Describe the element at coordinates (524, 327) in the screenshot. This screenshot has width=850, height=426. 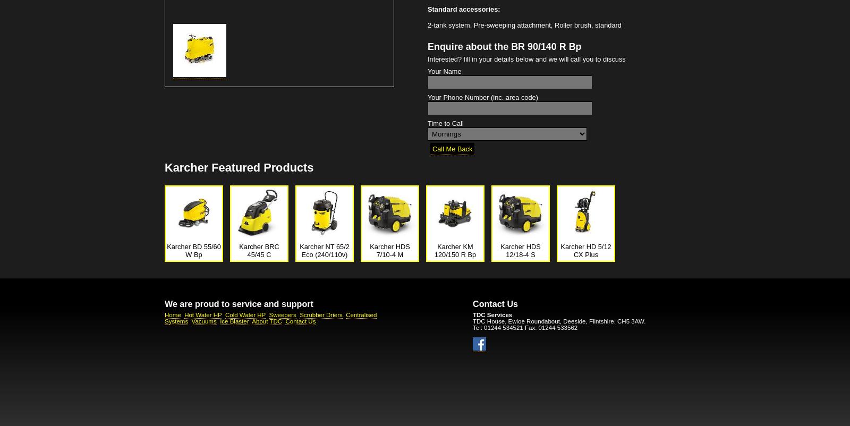
I see `'Tel: 01244 534521 Fax: 01244 533562'` at that location.